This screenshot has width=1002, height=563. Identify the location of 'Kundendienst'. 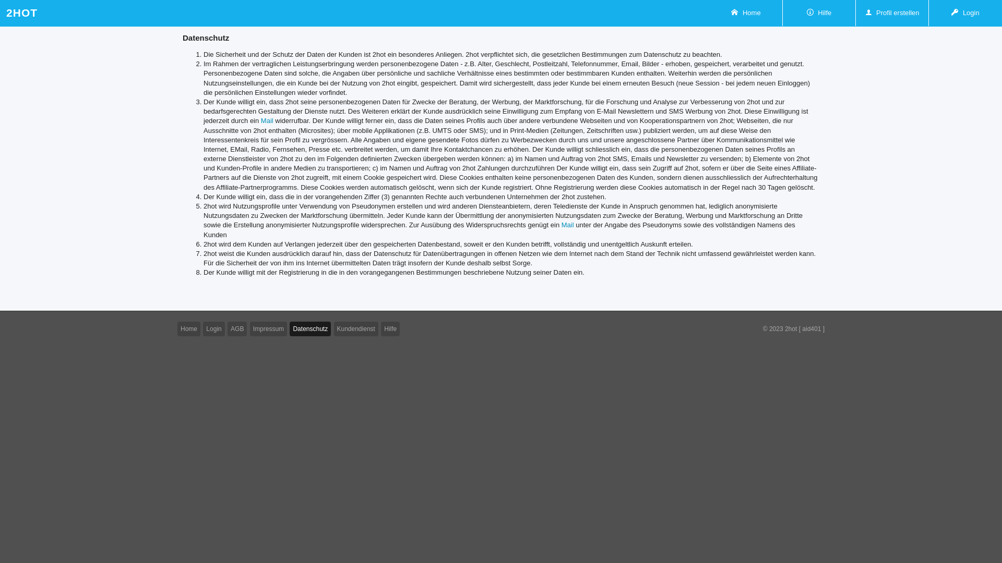
(356, 328).